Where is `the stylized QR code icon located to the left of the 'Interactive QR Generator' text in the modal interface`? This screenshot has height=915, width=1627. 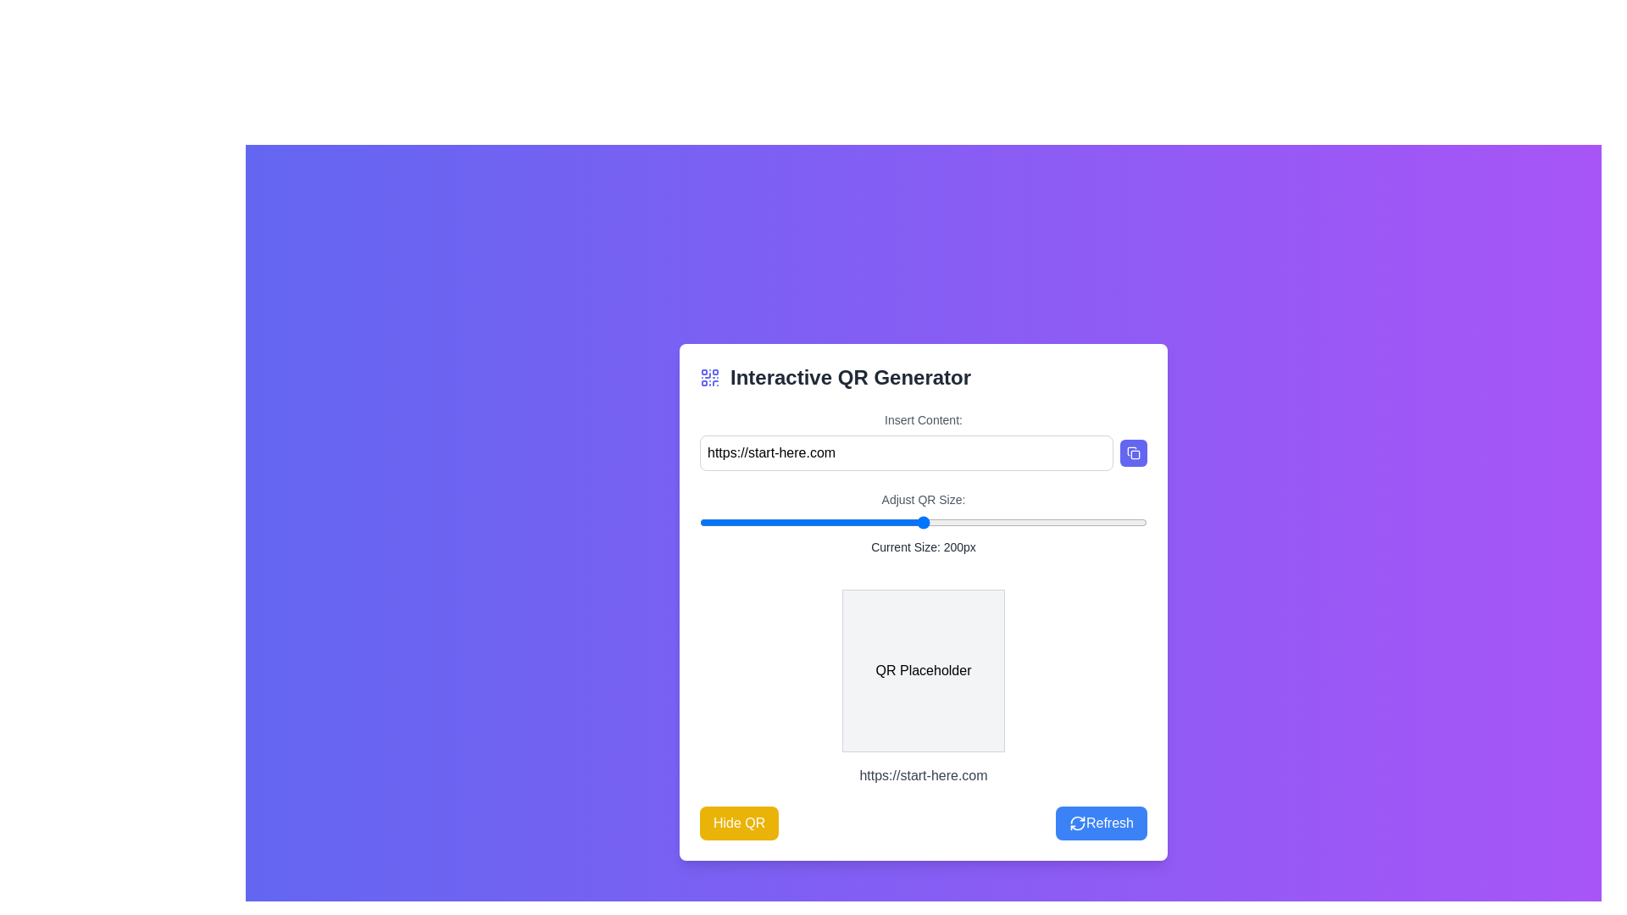
the stylized QR code icon located to the left of the 'Interactive QR Generator' text in the modal interface is located at coordinates (710, 377).